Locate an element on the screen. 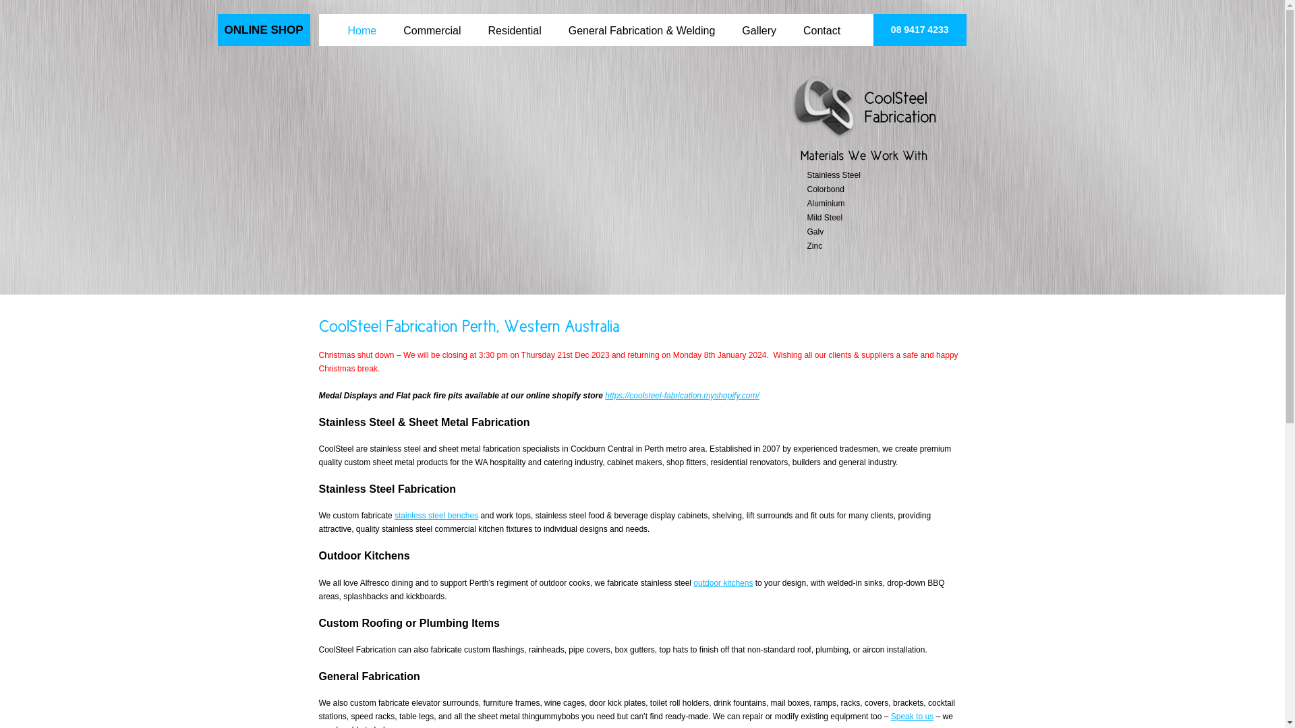 This screenshot has width=1295, height=728. 'Contact' is located at coordinates (821, 22).